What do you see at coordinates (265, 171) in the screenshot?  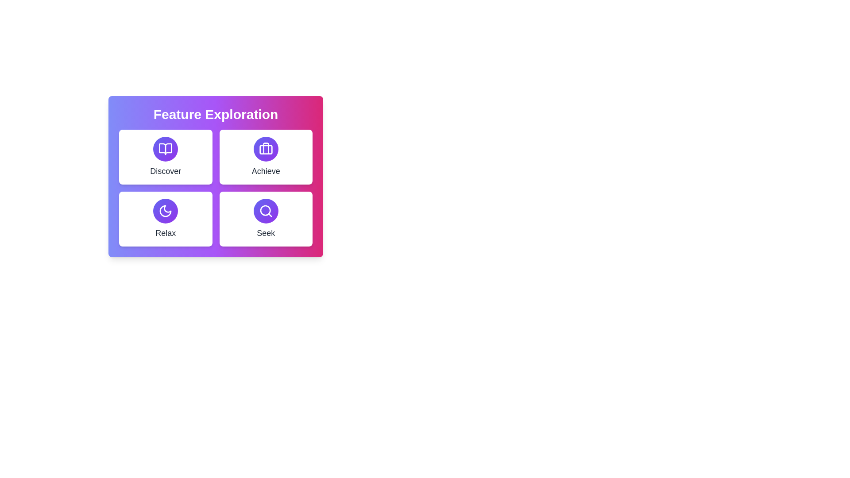 I see `text label displaying 'Achieve' located below the purple circular icon with a briefcase symbol in the upper-right cell of the 2x2 grid within the 'Feature Exploration' module` at bounding box center [265, 171].